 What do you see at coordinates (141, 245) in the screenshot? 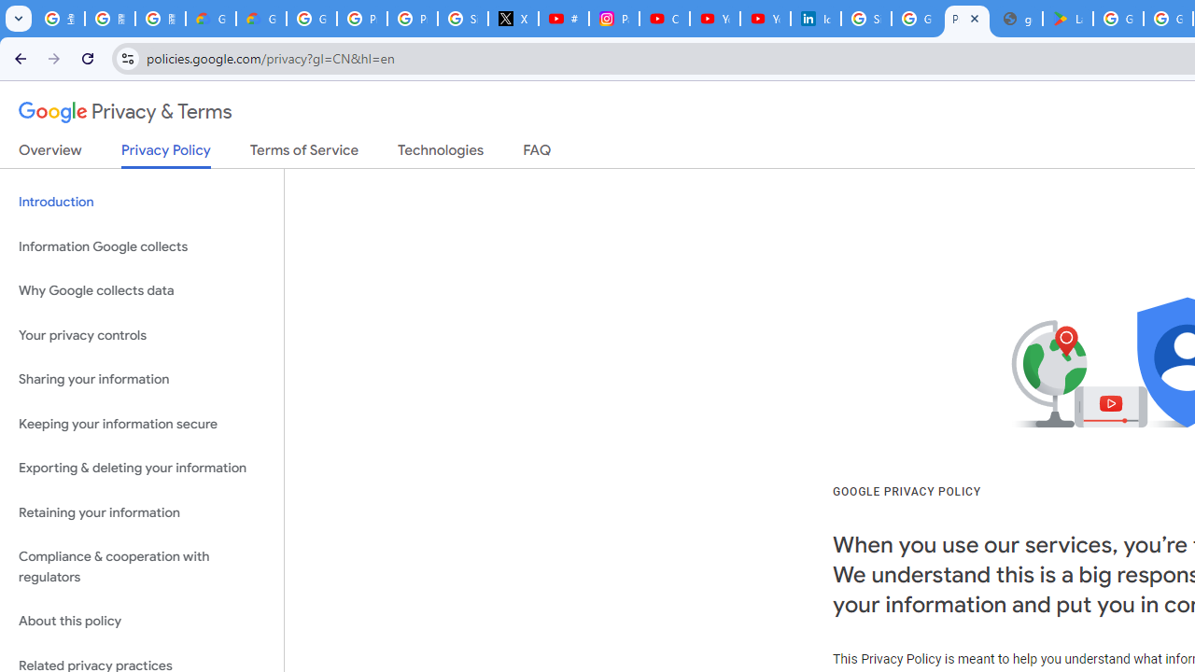
I see `'Information Google collects'` at bounding box center [141, 245].